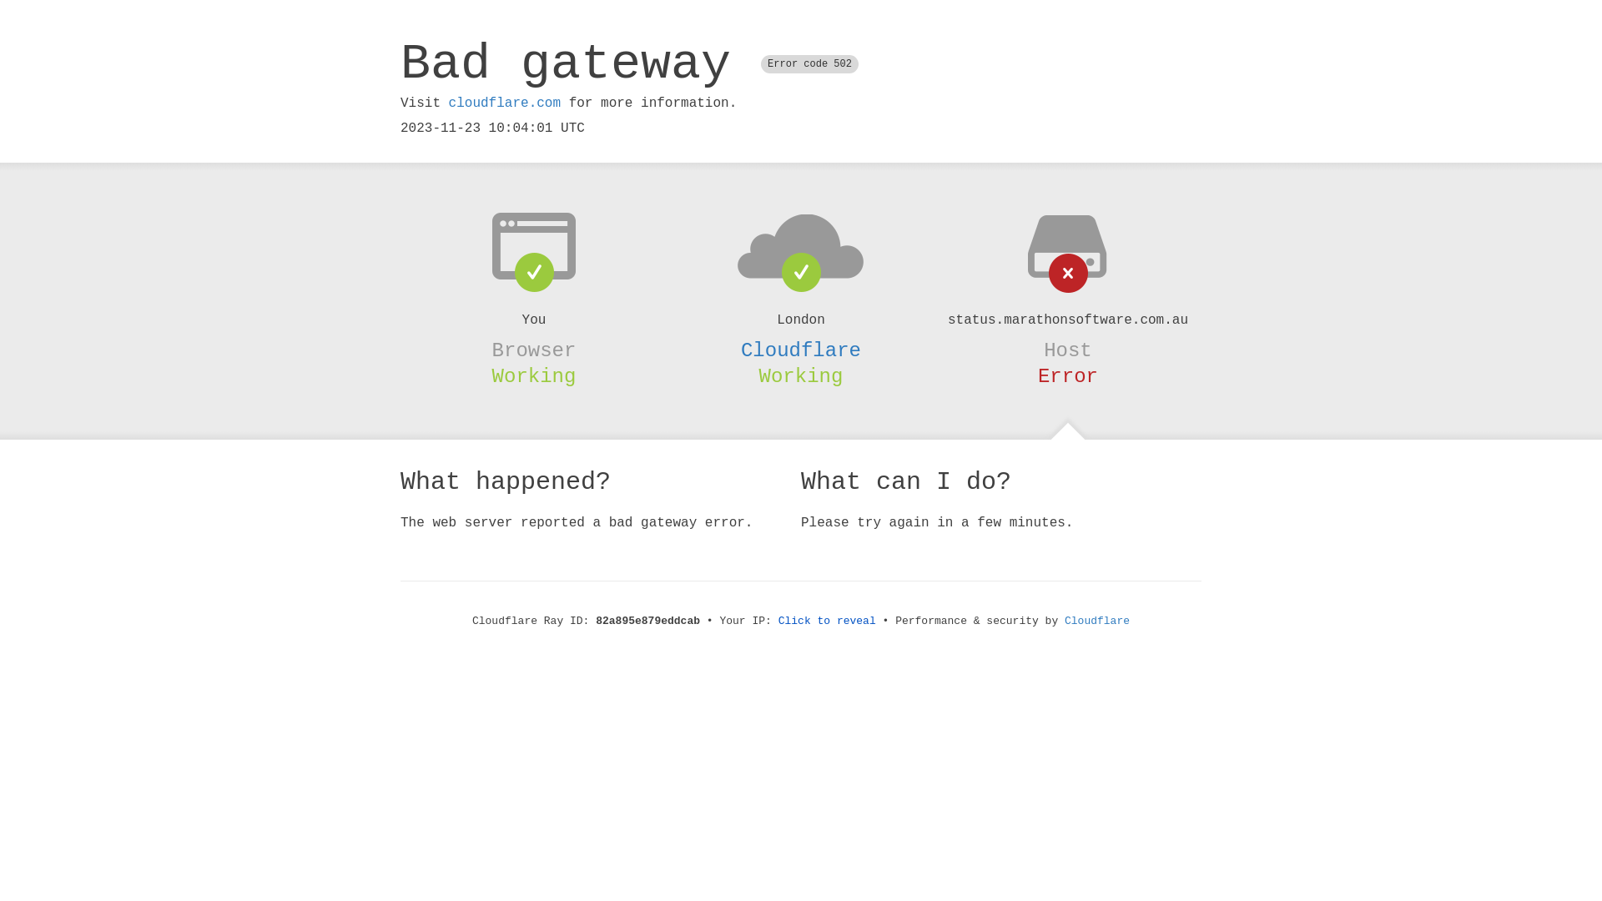 Image resolution: width=1602 pixels, height=901 pixels. I want to click on 'Click to reveal', so click(827, 621).